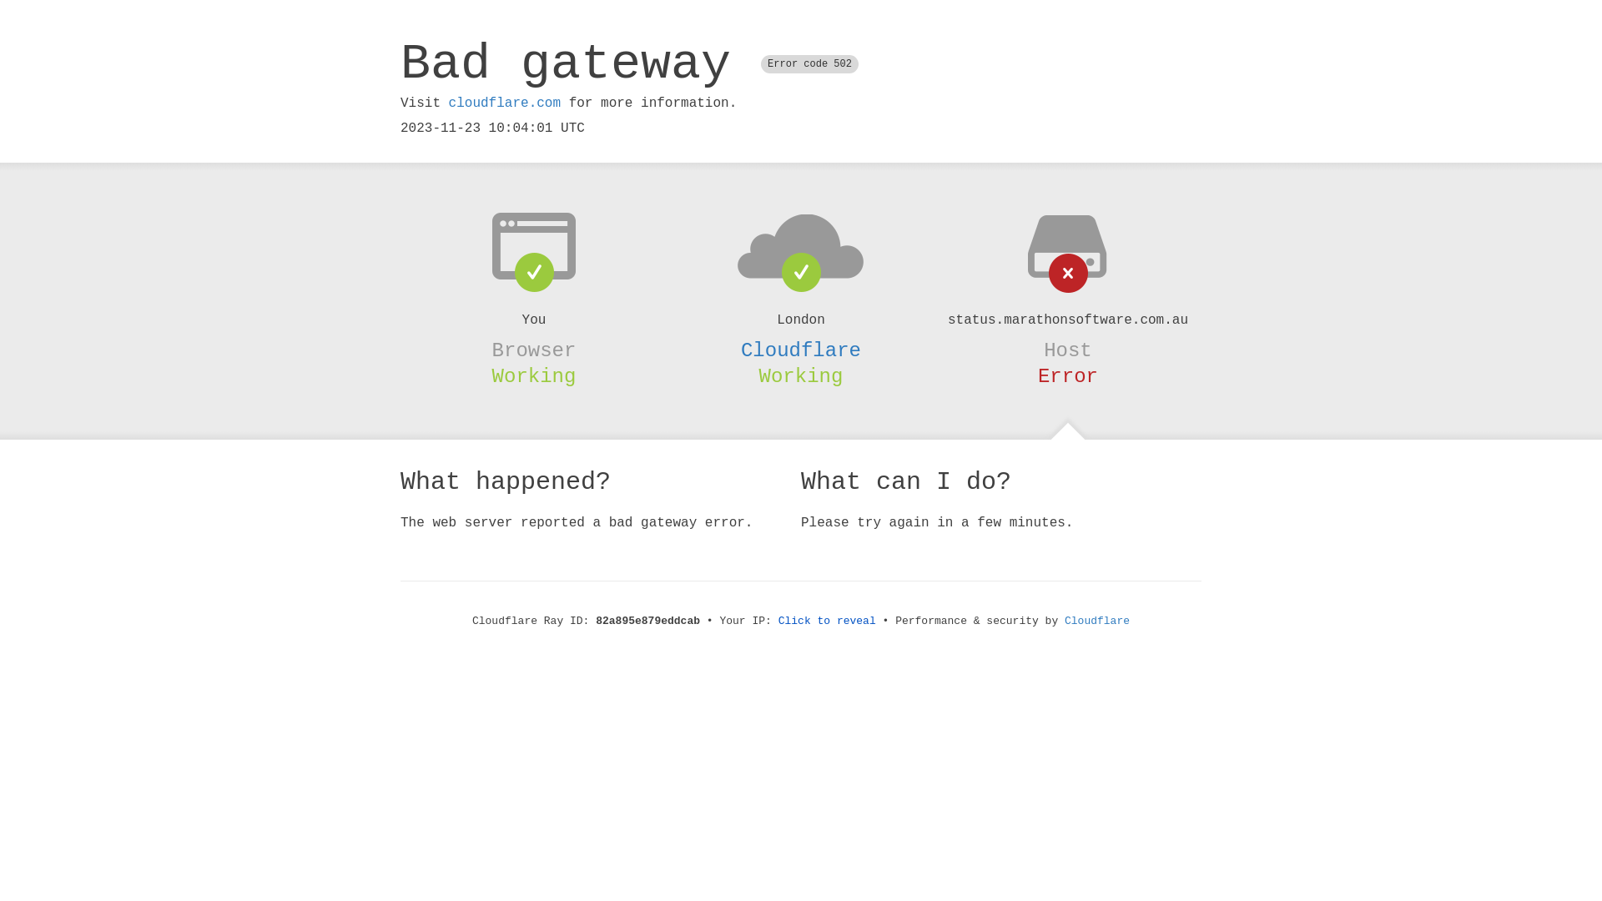 Image resolution: width=1602 pixels, height=901 pixels. I want to click on 'Click to reveal', so click(827, 621).